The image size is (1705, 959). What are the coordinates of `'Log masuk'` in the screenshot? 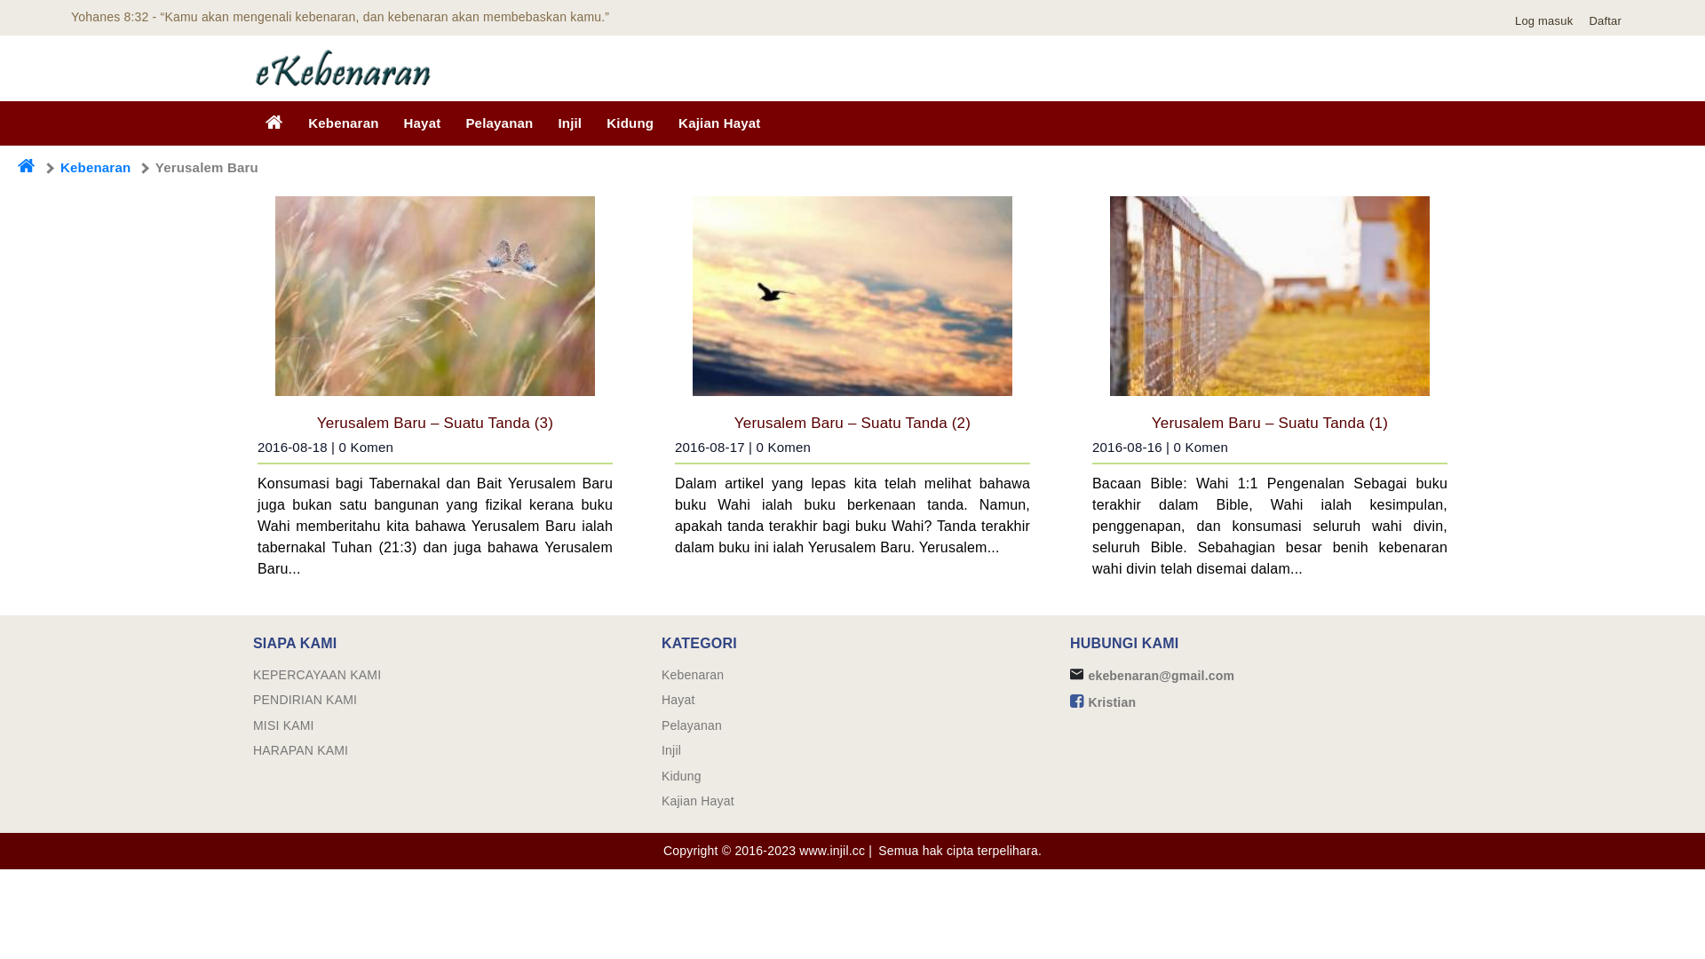 It's located at (1547, 20).